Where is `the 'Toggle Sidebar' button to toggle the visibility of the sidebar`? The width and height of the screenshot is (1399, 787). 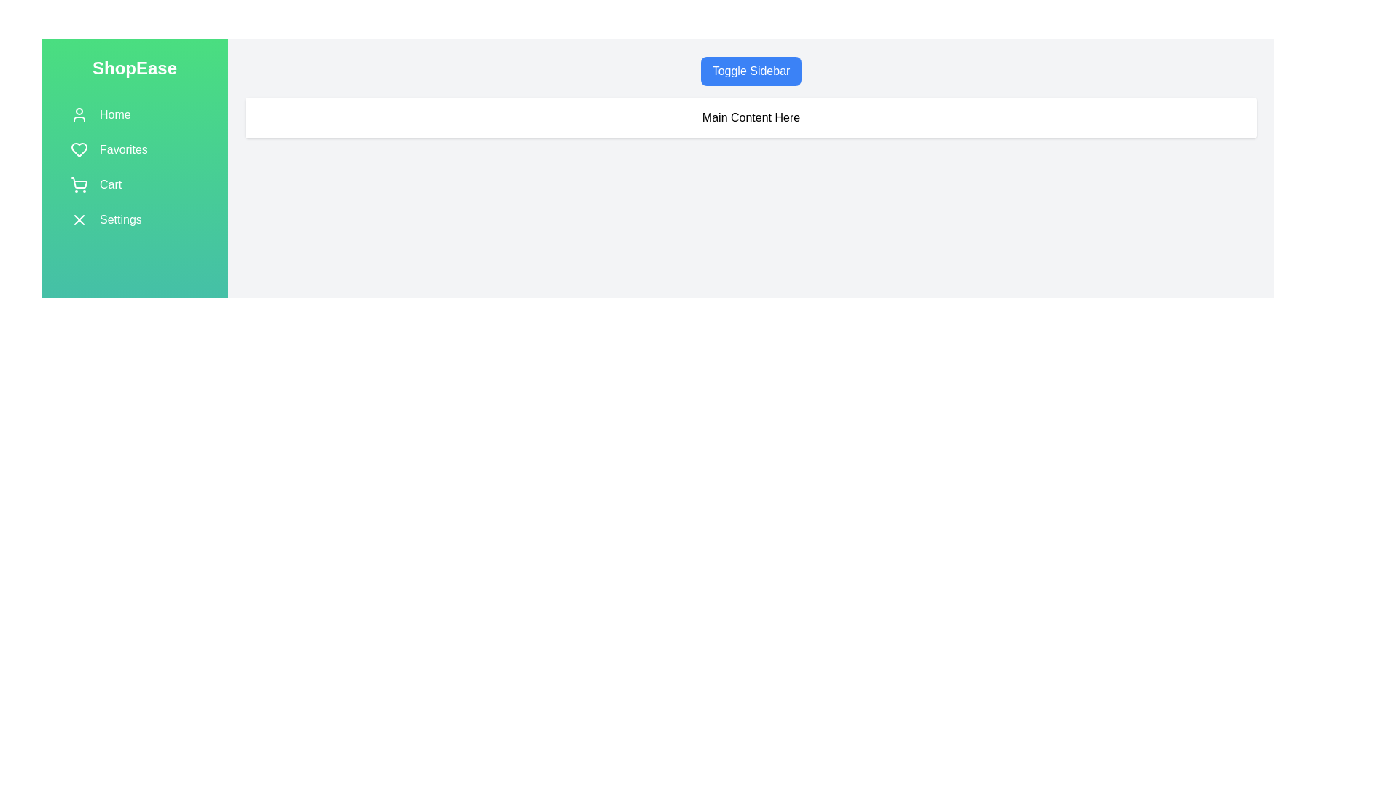
the 'Toggle Sidebar' button to toggle the visibility of the sidebar is located at coordinates (751, 71).